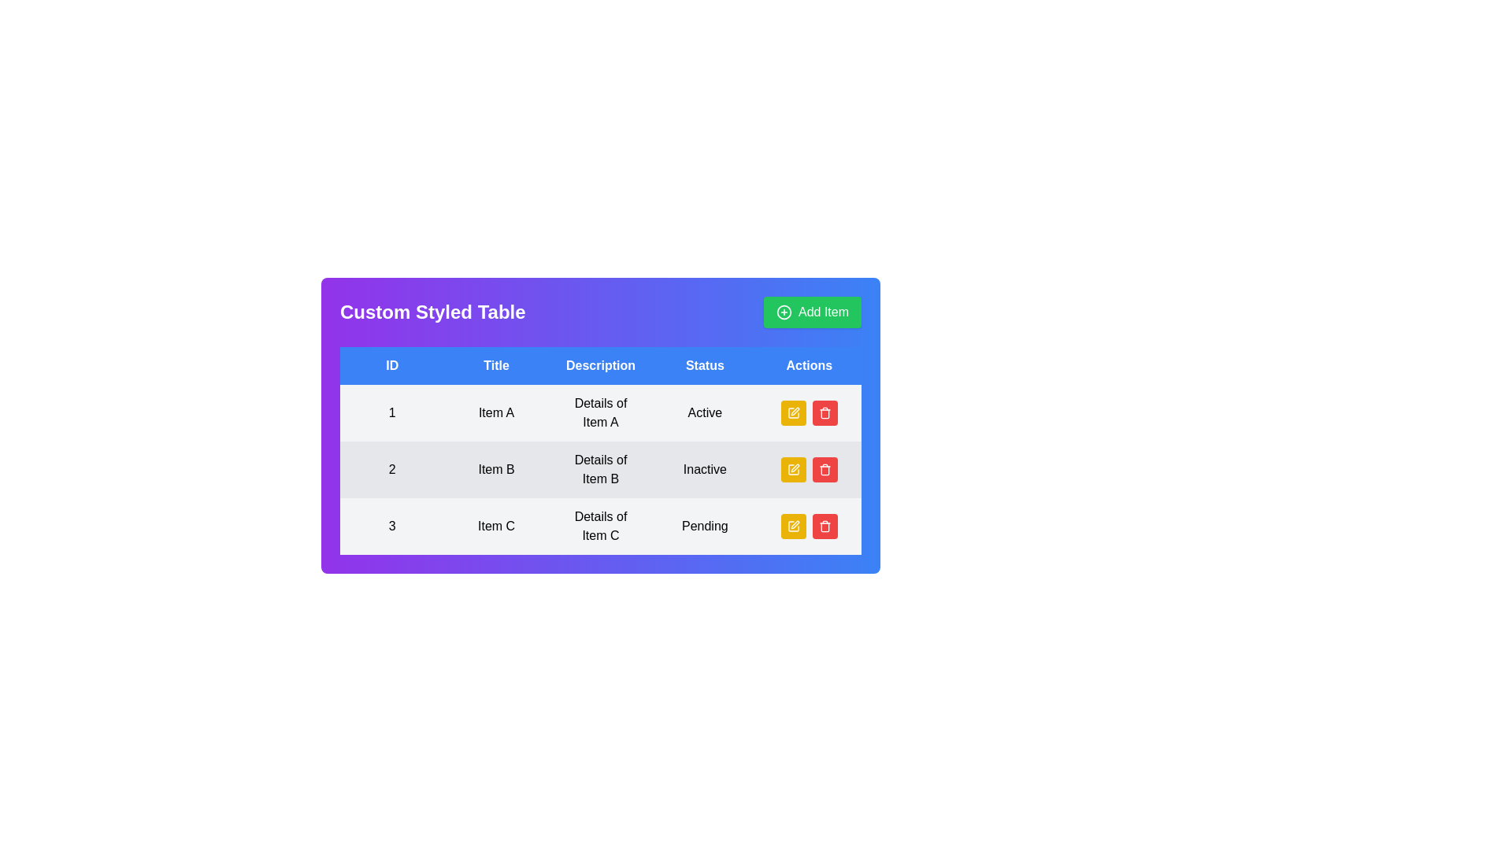 The image size is (1512, 850). What do you see at coordinates (795, 525) in the screenshot?
I see `the edit icon button located in the 'Actions' column of the third row of the table to initiate editing` at bounding box center [795, 525].